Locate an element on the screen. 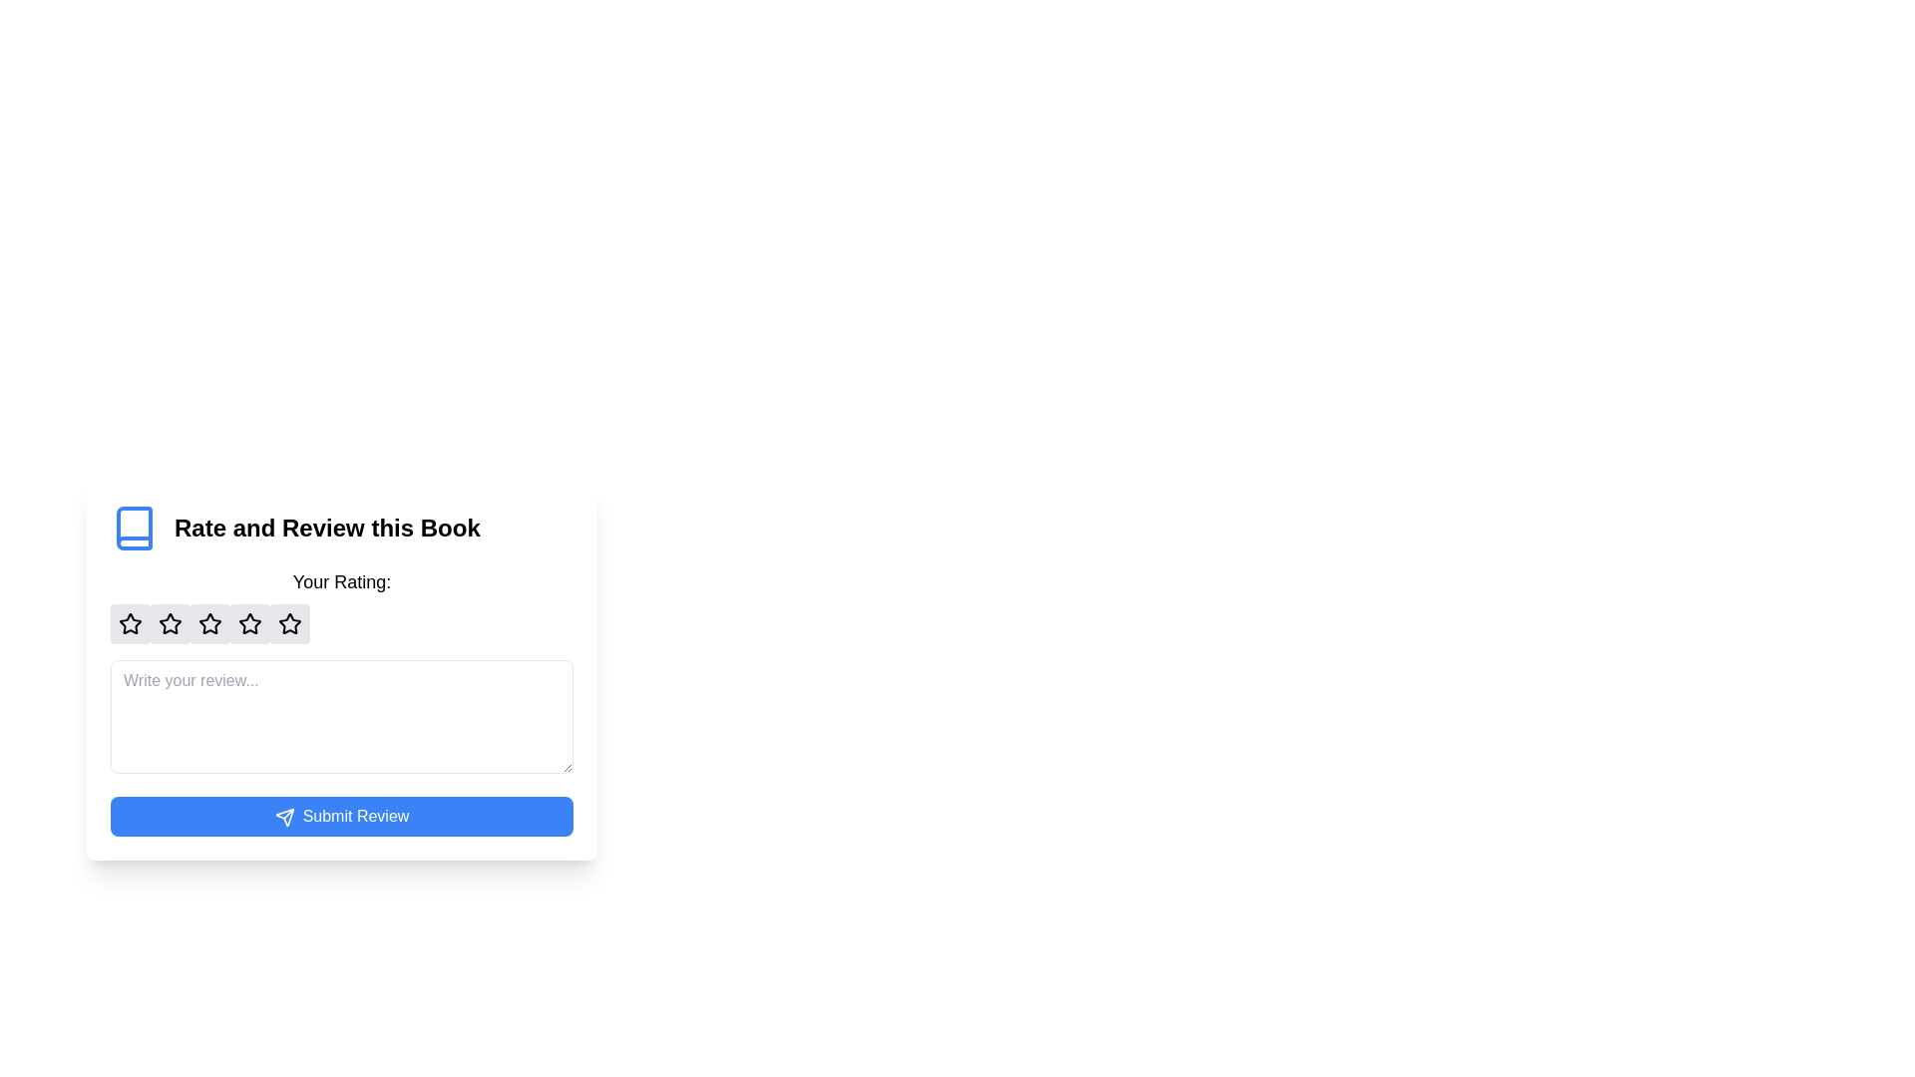  to select text in the rectangular text area with placeholder 'Write your review...' located above the 'Submit Review' button is located at coordinates (341, 720).